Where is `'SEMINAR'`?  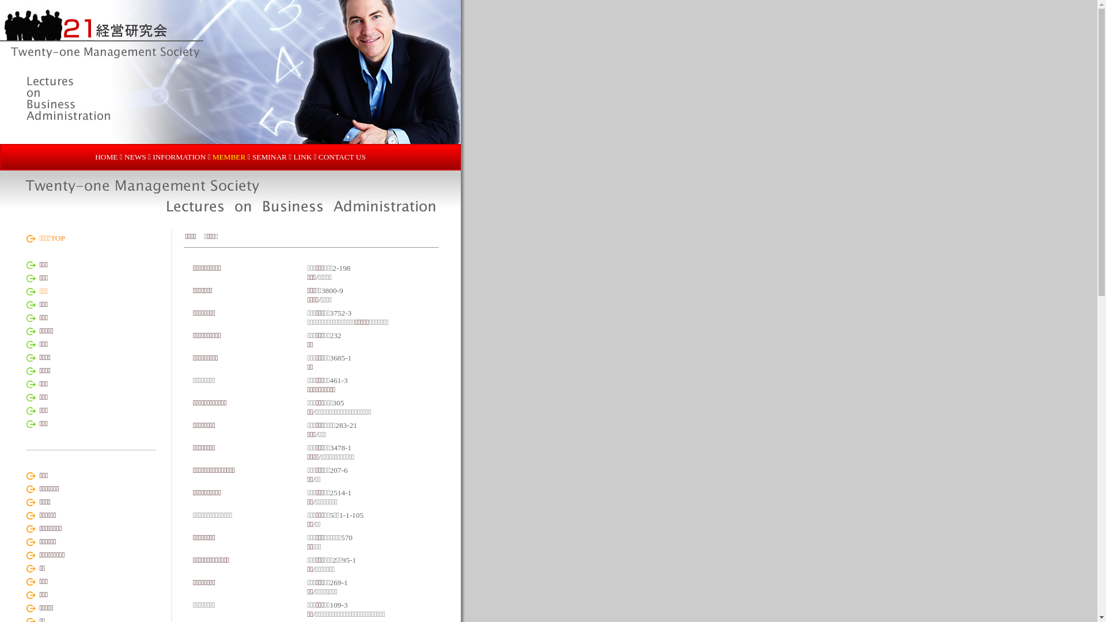 'SEMINAR' is located at coordinates (269, 157).